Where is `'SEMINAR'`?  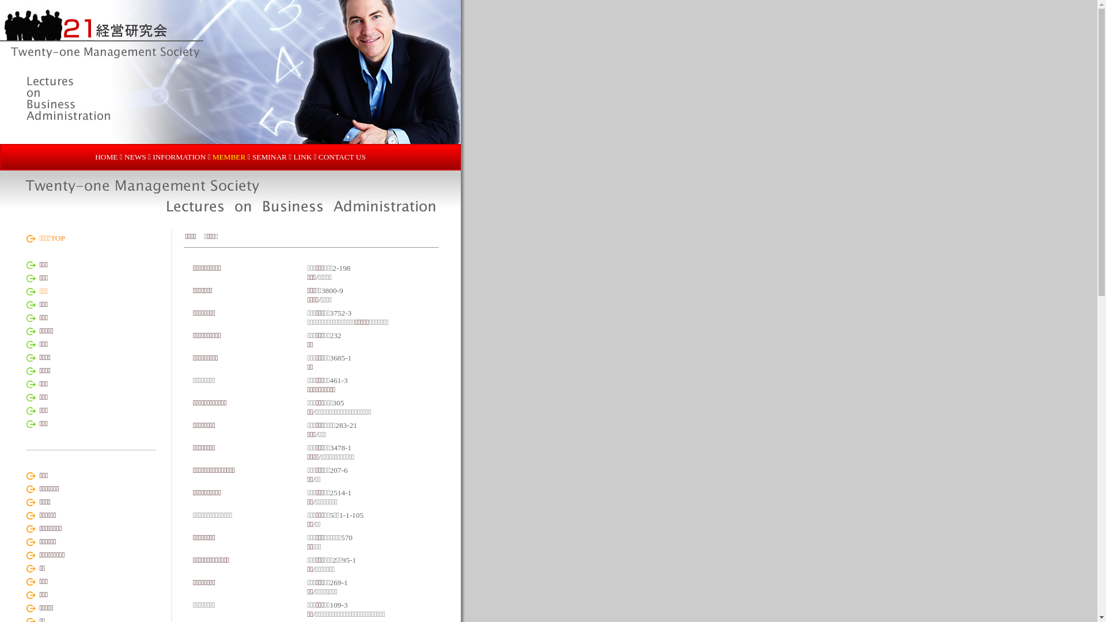 'SEMINAR' is located at coordinates (269, 157).